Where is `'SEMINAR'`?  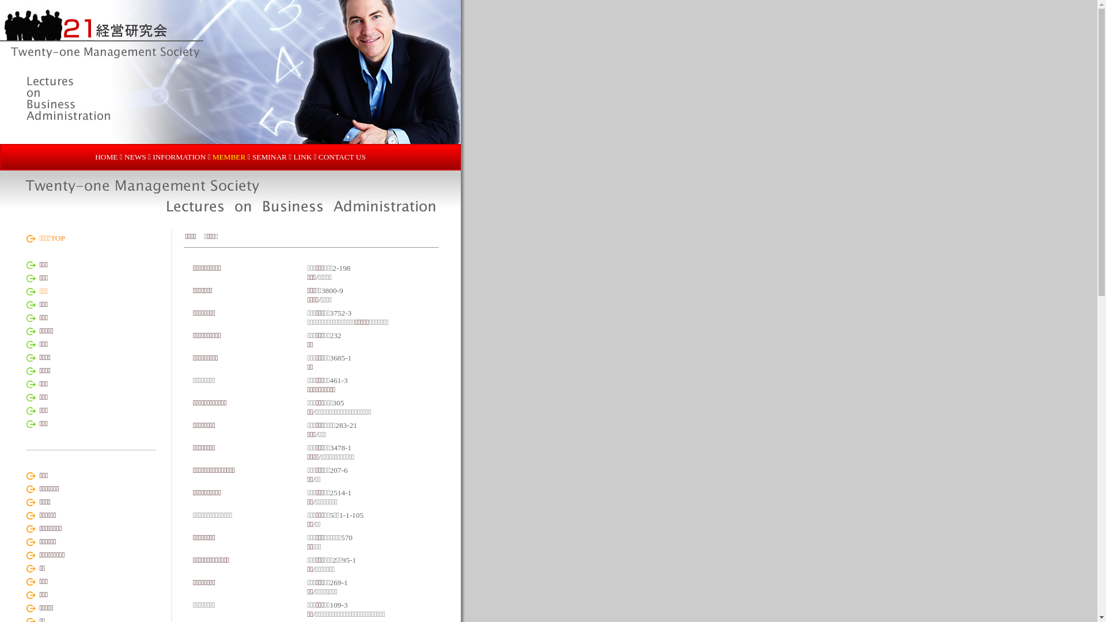 'SEMINAR' is located at coordinates (269, 157).